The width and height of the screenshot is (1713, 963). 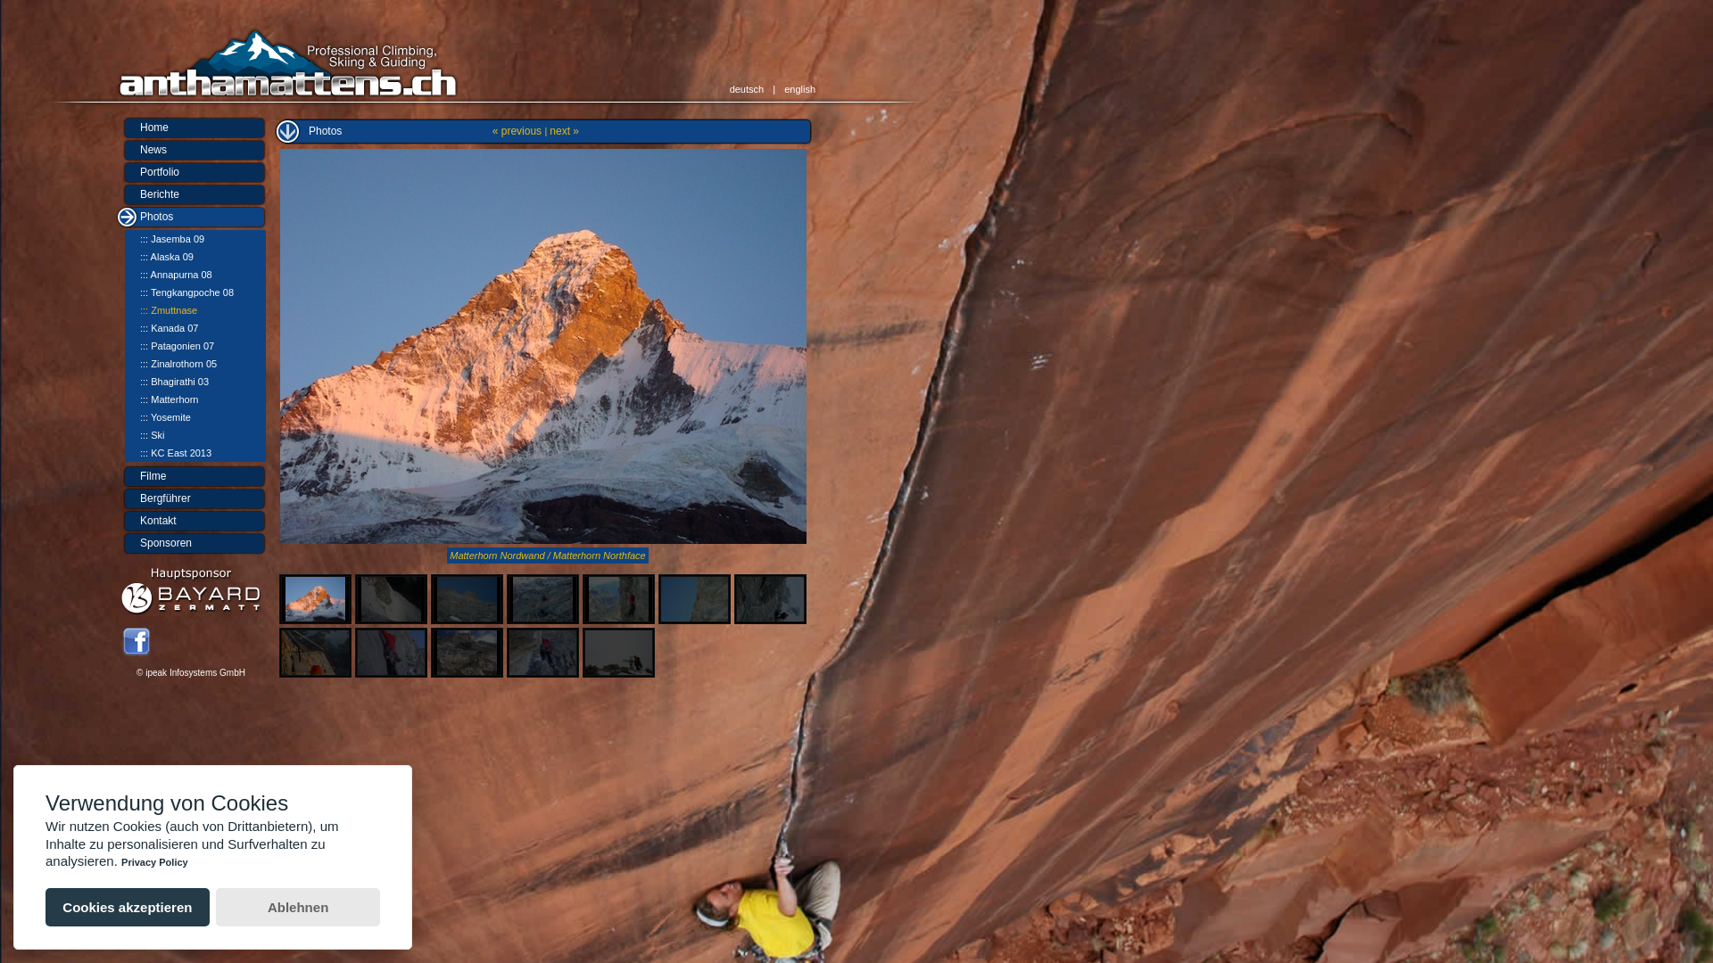 I want to click on '::: Jasemba 09', so click(x=160, y=237).